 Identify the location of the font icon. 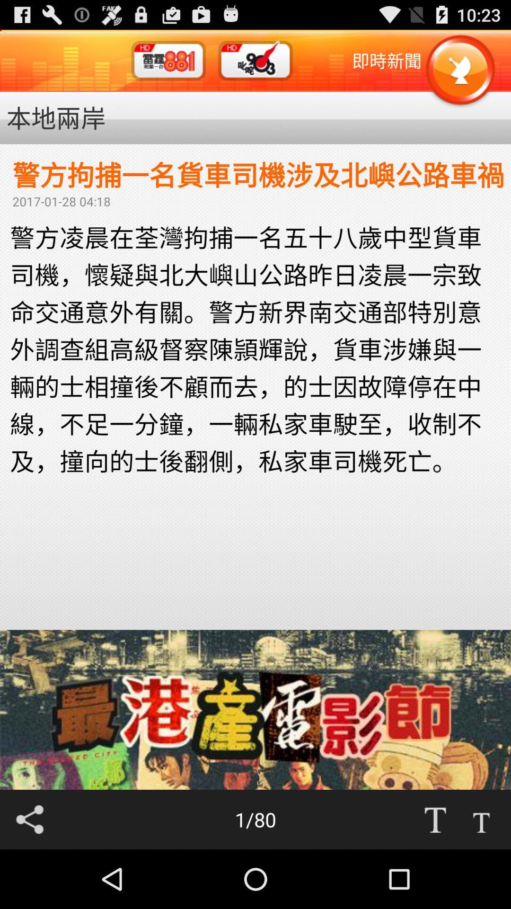
(481, 876).